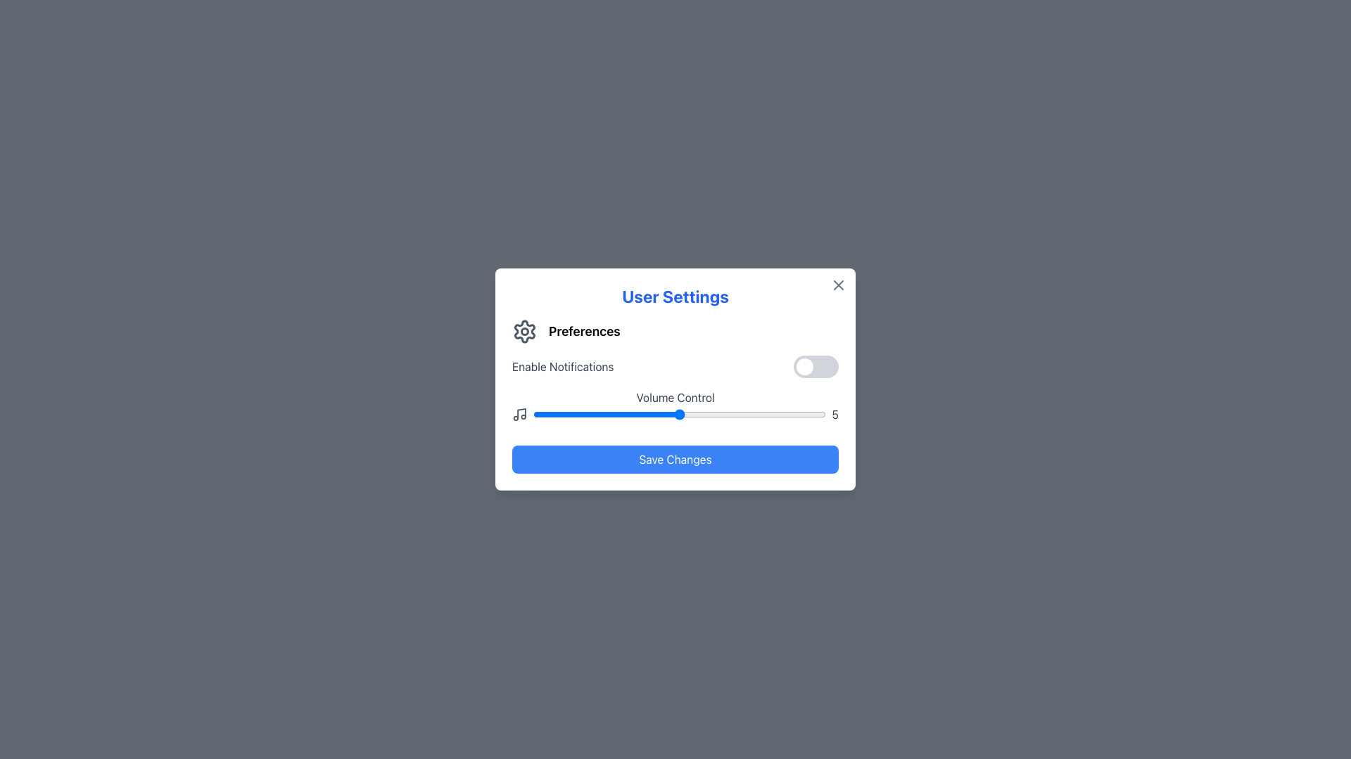 Image resolution: width=1351 pixels, height=759 pixels. What do you see at coordinates (591, 414) in the screenshot?
I see `the volume level` at bounding box center [591, 414].